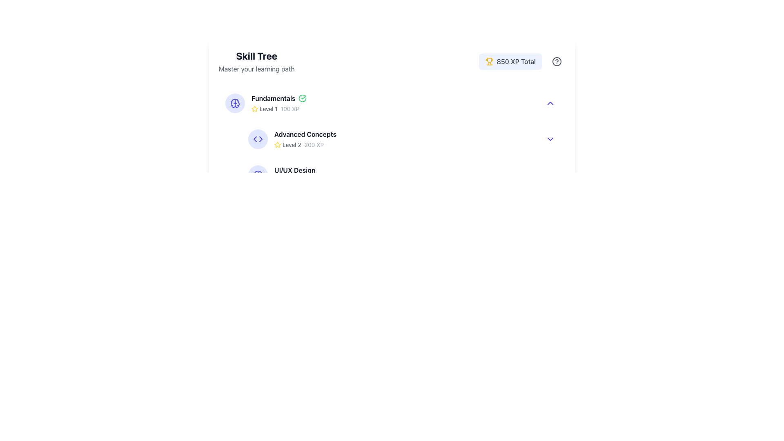 This screenshot has height=441, width=784. What do you see at coordinates (256, 61) in the screenshot?
I see `the Text label indicating the section's title and subtitle for the skill progression feature located near the upper-left corner of the interface` at bounding box center [256, 61].